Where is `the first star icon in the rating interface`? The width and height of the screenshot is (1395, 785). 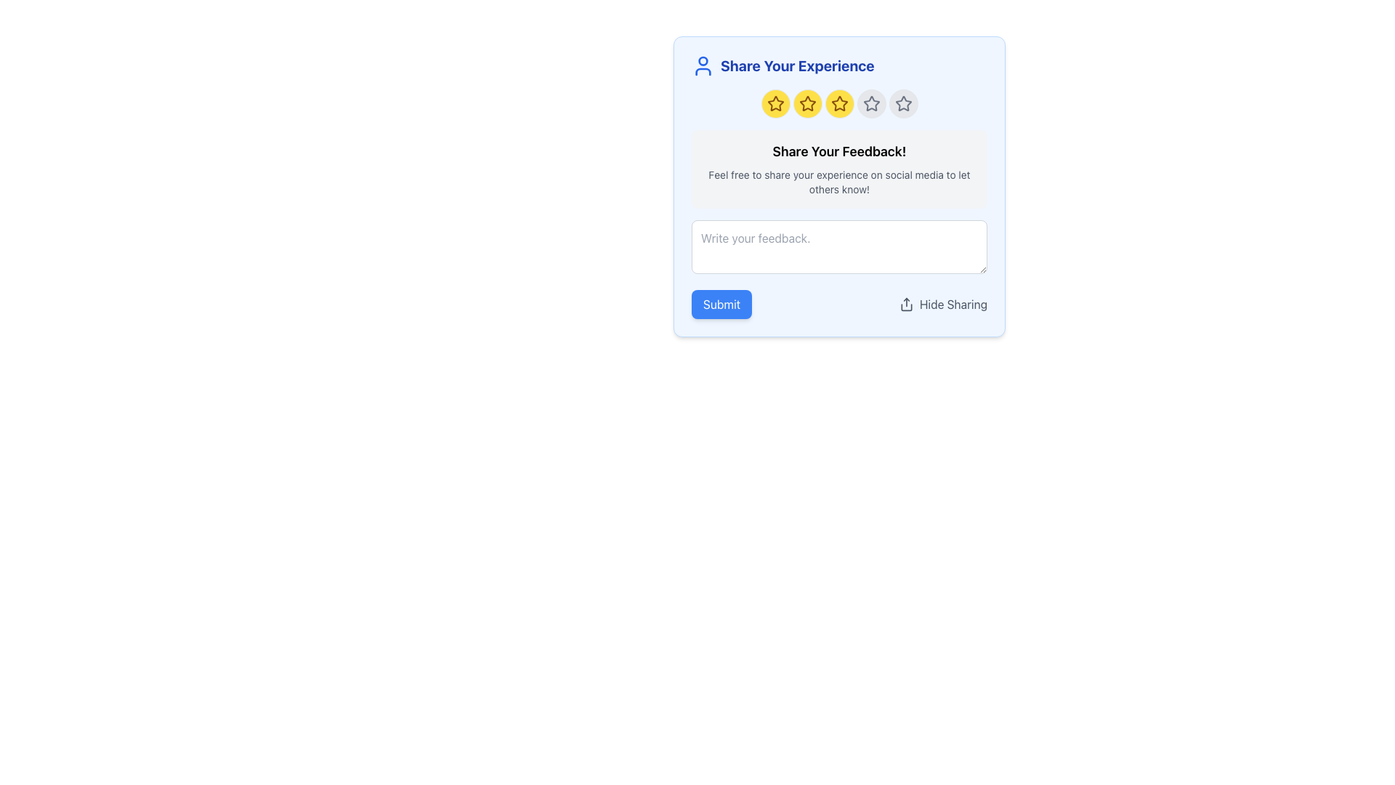 the first star icon in the rating interface is located at coordinates (775, 102).